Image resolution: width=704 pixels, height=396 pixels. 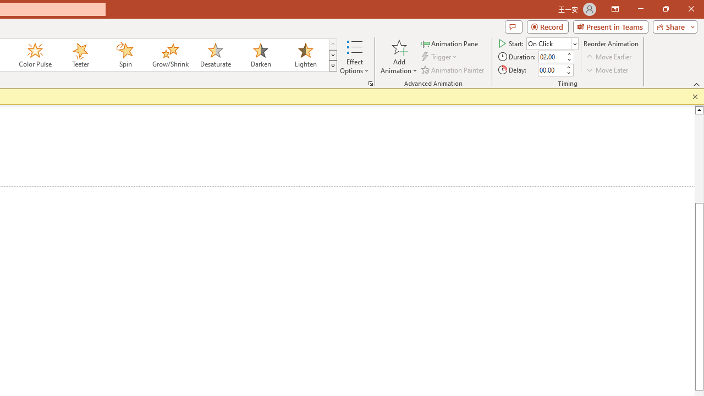 What do you see at coordinates (398, 57) in the screenshot?
I see `'Add Animation'` at bounding box center [398, 57].